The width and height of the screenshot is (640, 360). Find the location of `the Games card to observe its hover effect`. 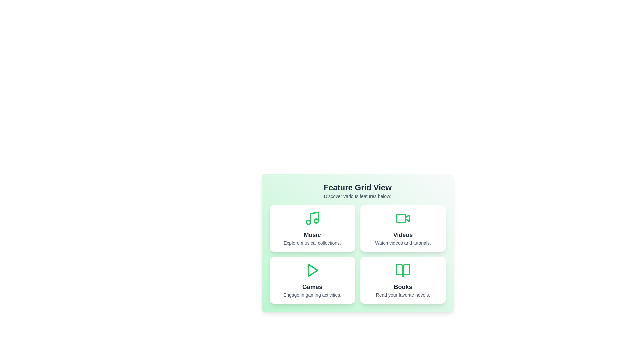

the Games card to observe its hover effect is located at coordinates (312, 280).